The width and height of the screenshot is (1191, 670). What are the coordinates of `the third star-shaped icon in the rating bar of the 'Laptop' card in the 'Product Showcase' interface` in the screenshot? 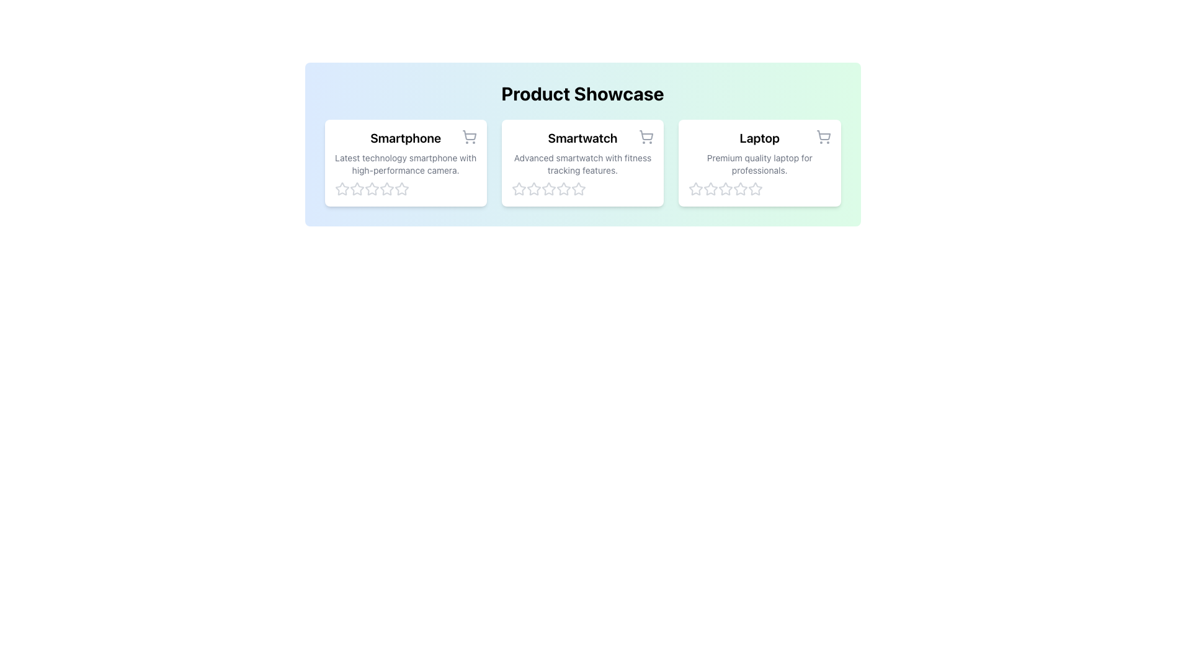 It's located at (726, 189).